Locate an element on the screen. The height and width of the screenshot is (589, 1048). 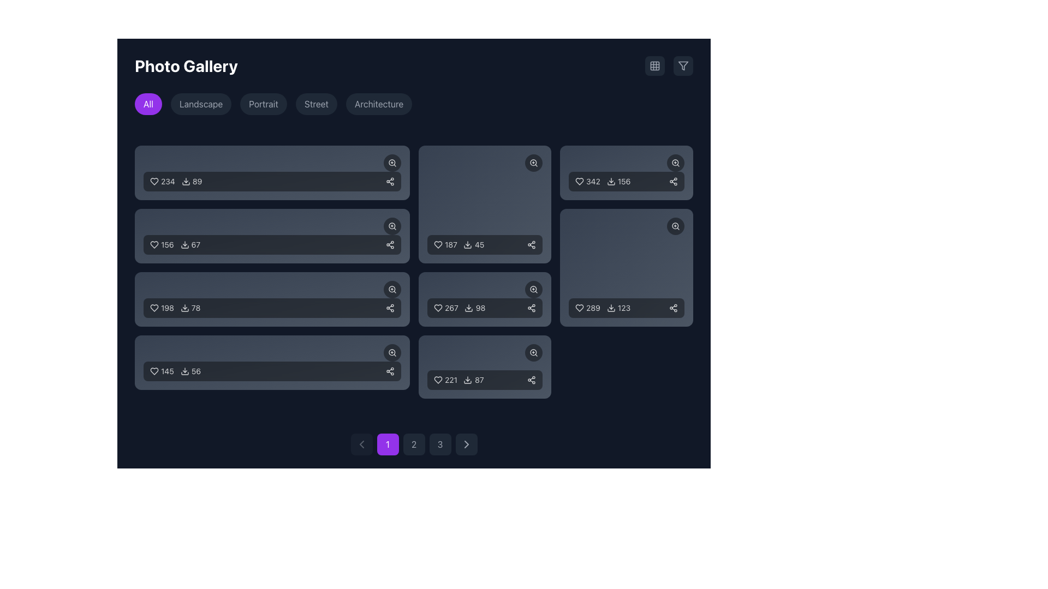
the Card component displaying counts and actions, which features a heart icon with '198' likes and a download icon with '78', located in the leftmost position of the third row in a grid layout is located at coordinates (272, 299).